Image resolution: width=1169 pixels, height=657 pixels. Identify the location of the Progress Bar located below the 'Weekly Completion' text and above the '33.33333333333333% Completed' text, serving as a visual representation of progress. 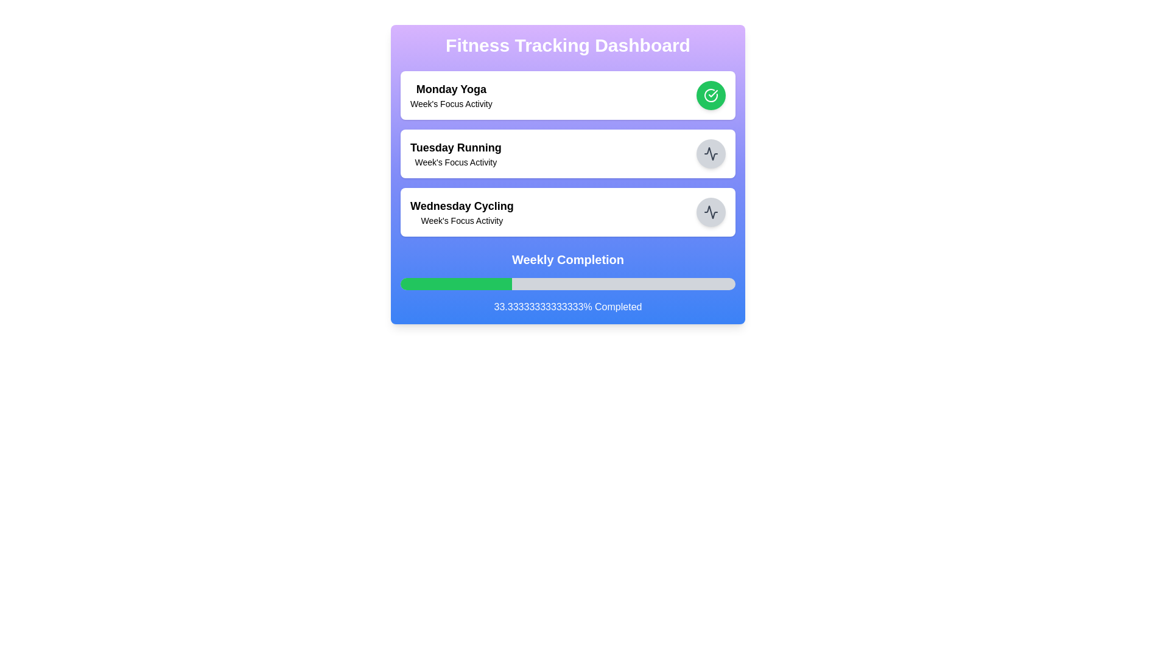
(567, 283).